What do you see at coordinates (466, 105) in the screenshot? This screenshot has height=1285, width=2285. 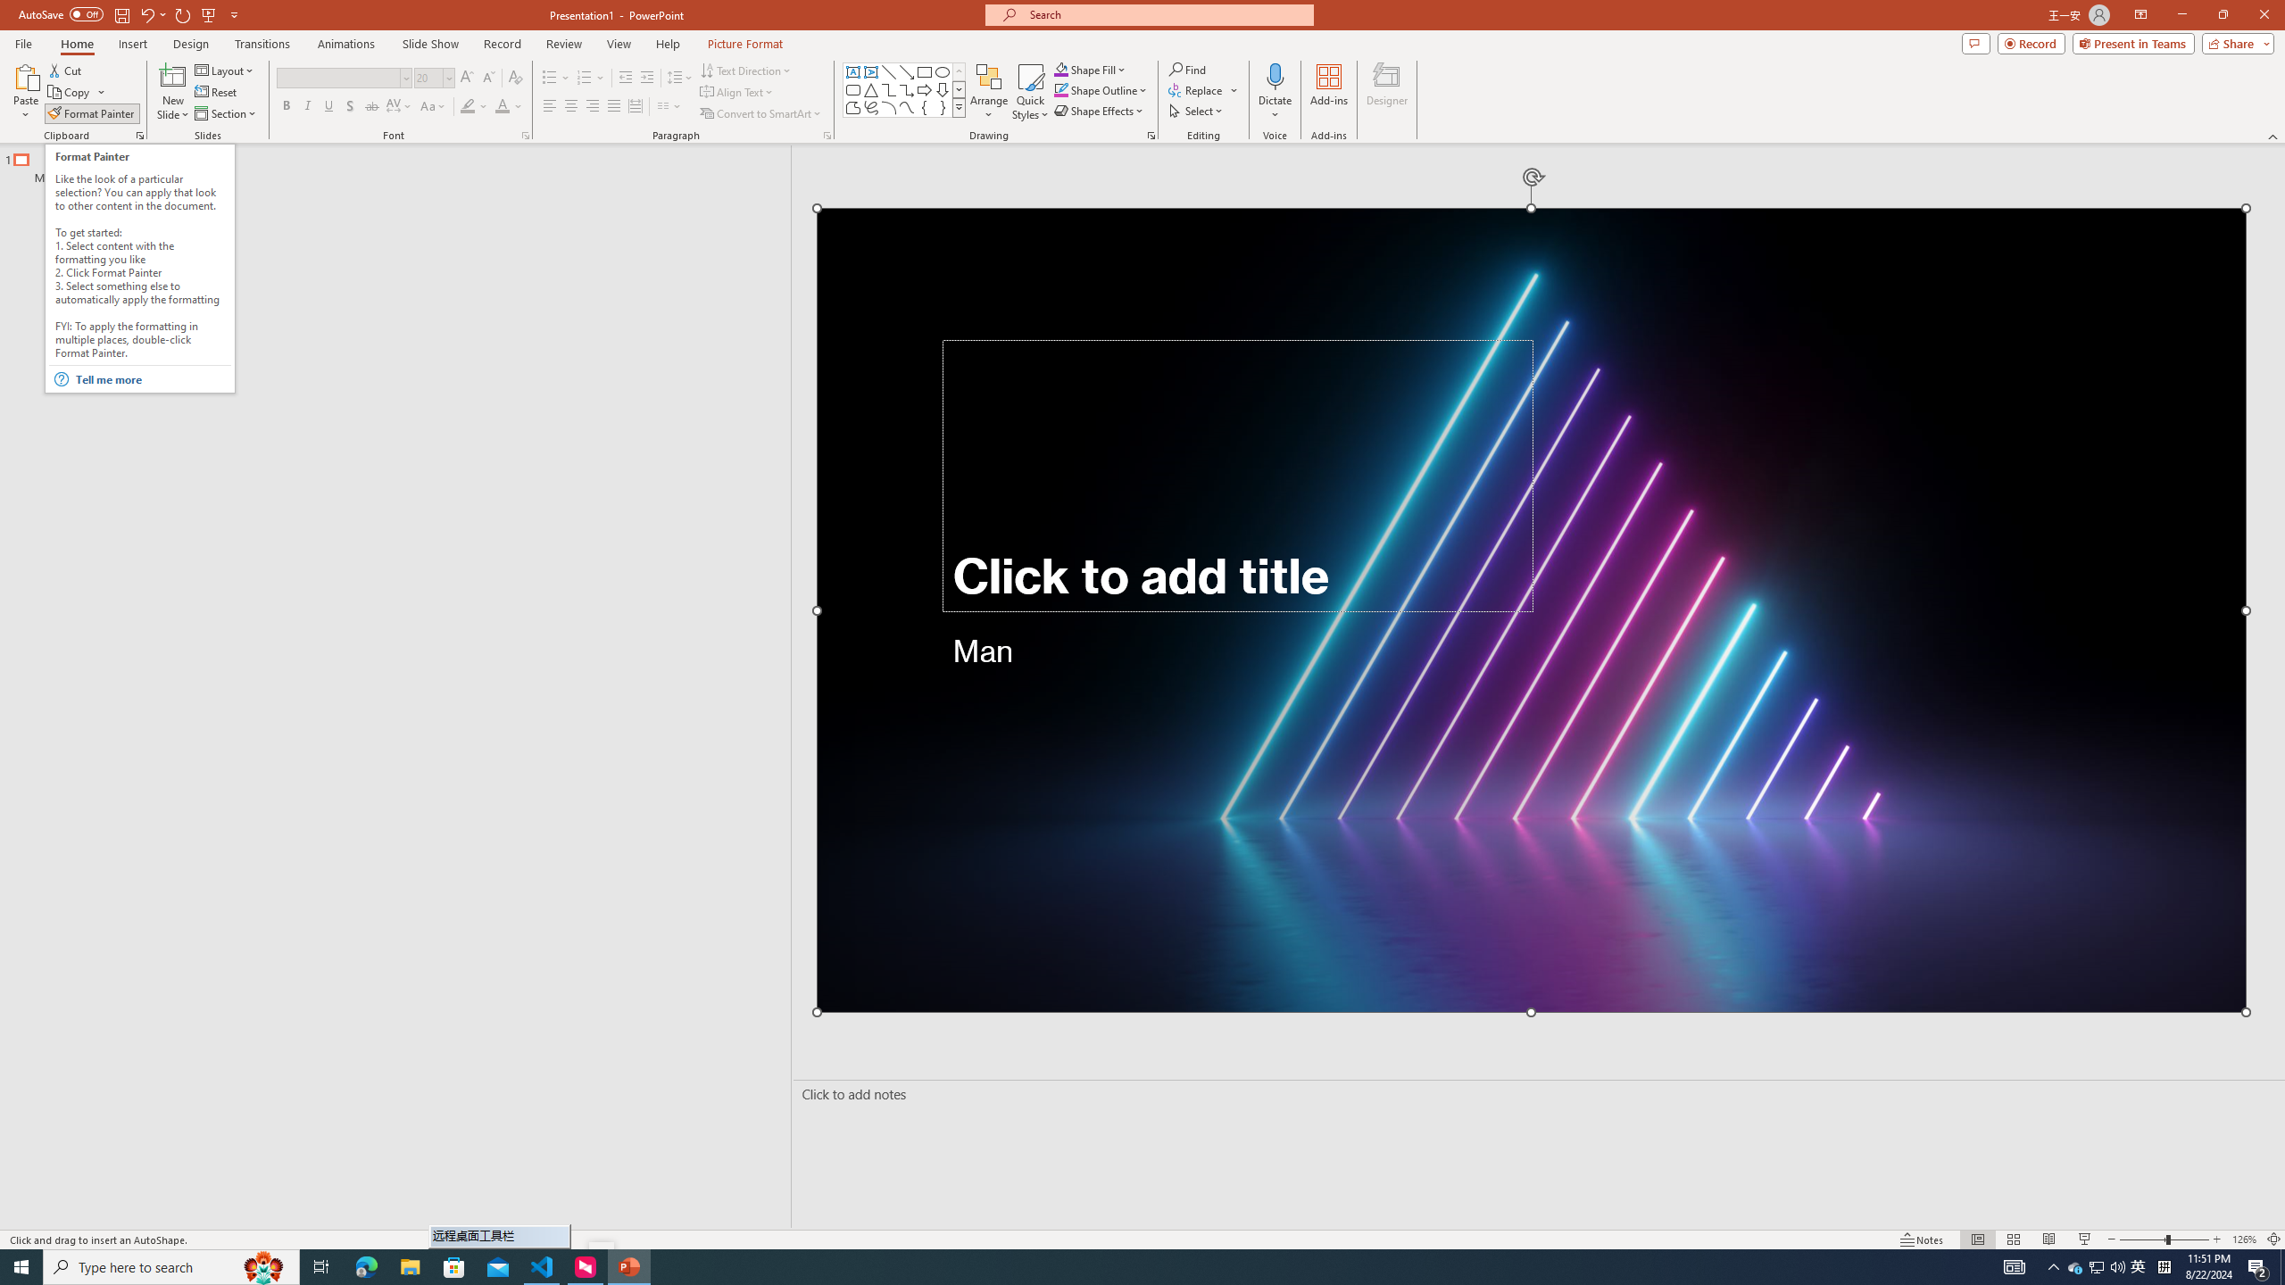 I see `'Text Highlight Color Yellow'` at bounding box center [466, 105].